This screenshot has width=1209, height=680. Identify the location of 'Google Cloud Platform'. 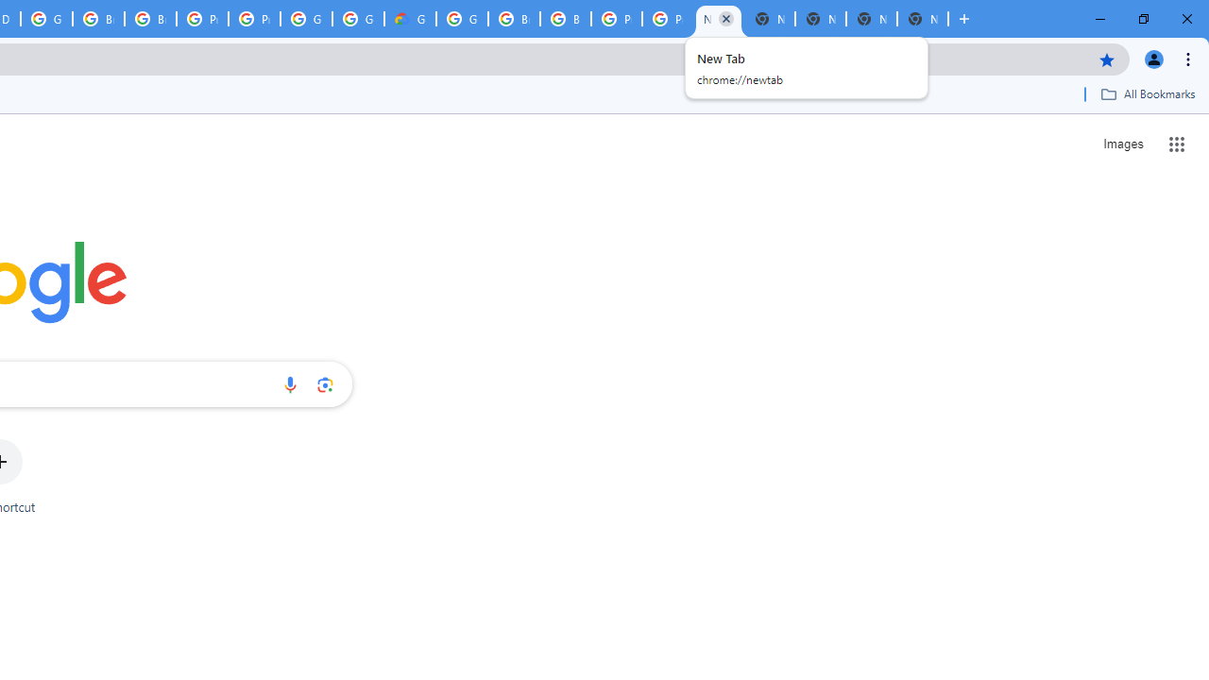
(462, 19).